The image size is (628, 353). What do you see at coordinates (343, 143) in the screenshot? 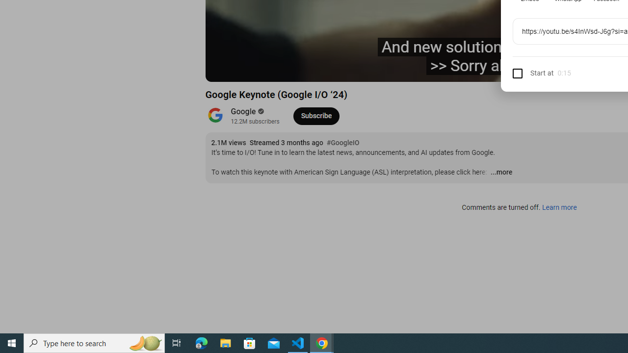
I see `'#GoogleIO'` at bounding box center [343, 143].